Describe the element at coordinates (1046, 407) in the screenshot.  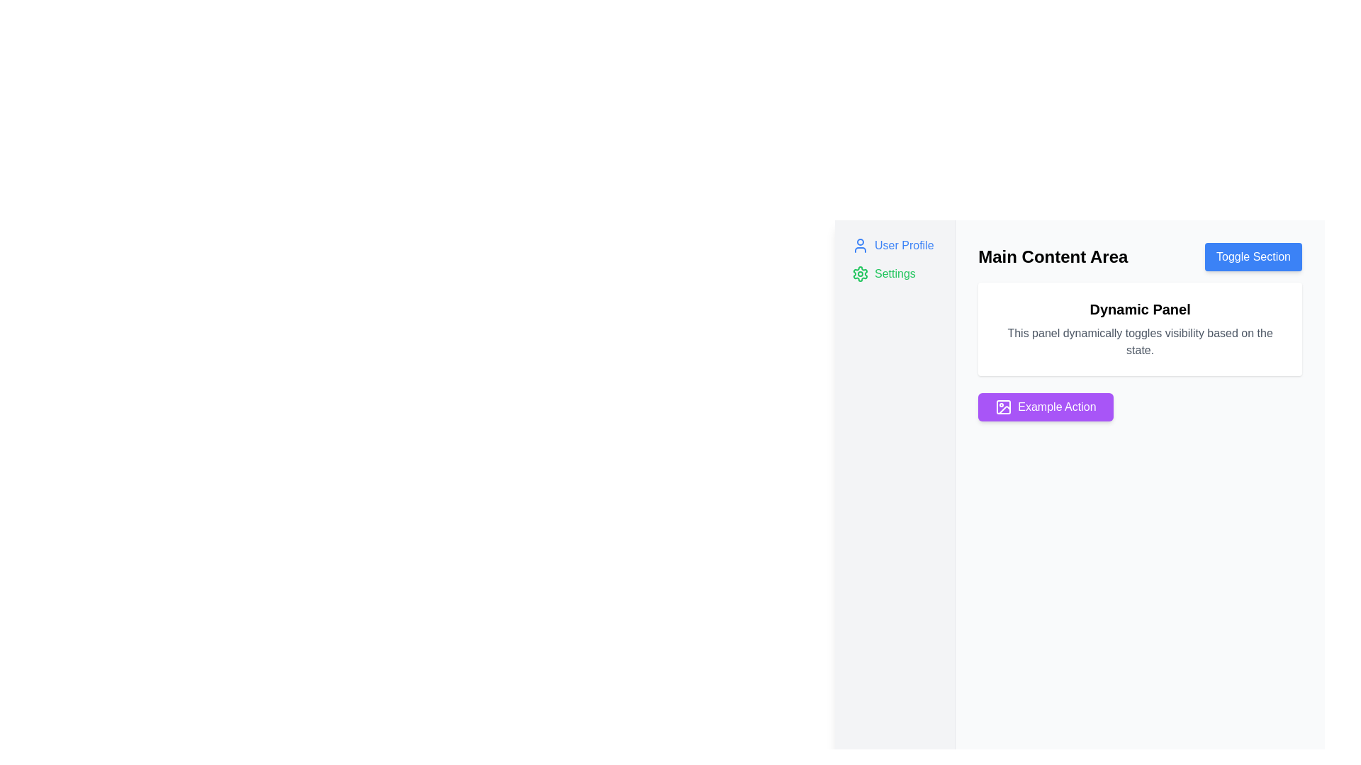
I see `the vibrant purple button labeled 'Example Action' with a picture frame icon` at that location.